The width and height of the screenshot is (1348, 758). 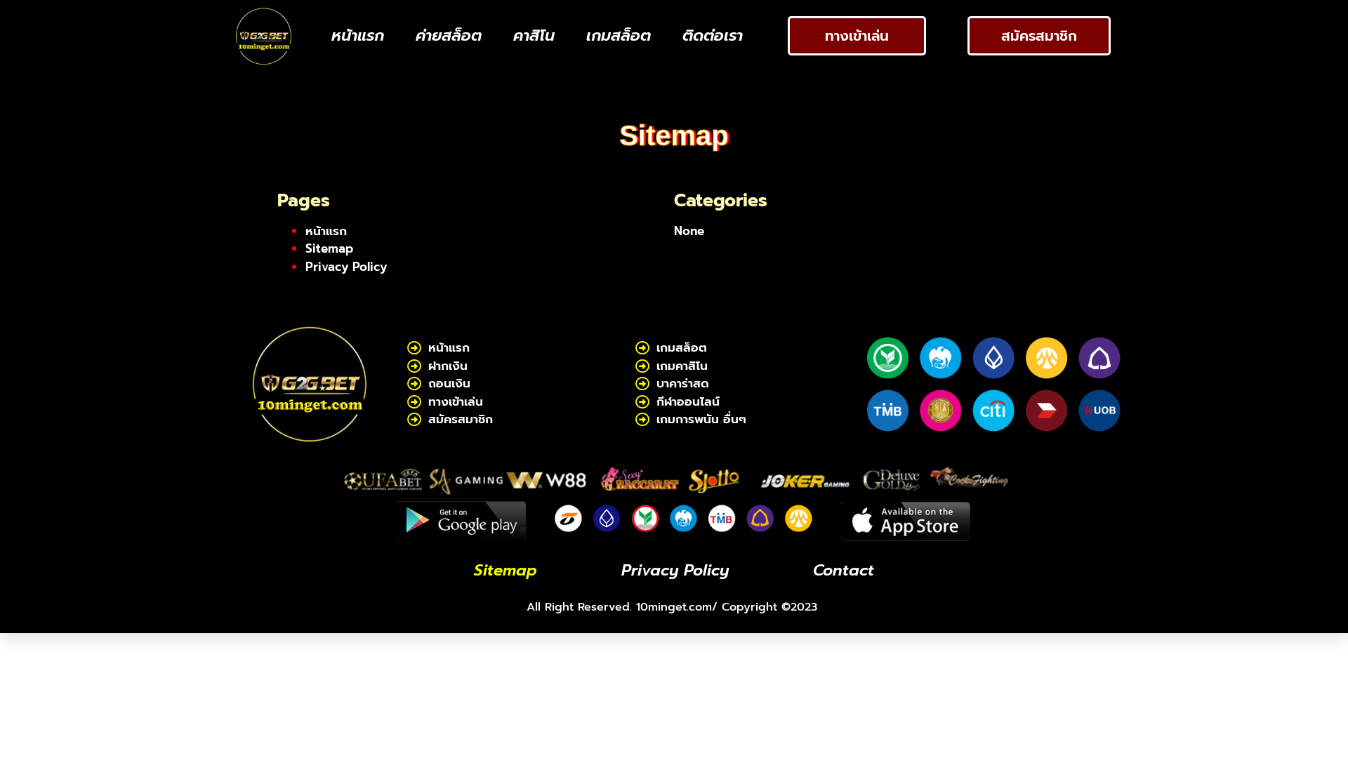 What do you see at coordinates (805, 571) in the screenshot?
I see `'Contact'` at bounding box center [805, 571].